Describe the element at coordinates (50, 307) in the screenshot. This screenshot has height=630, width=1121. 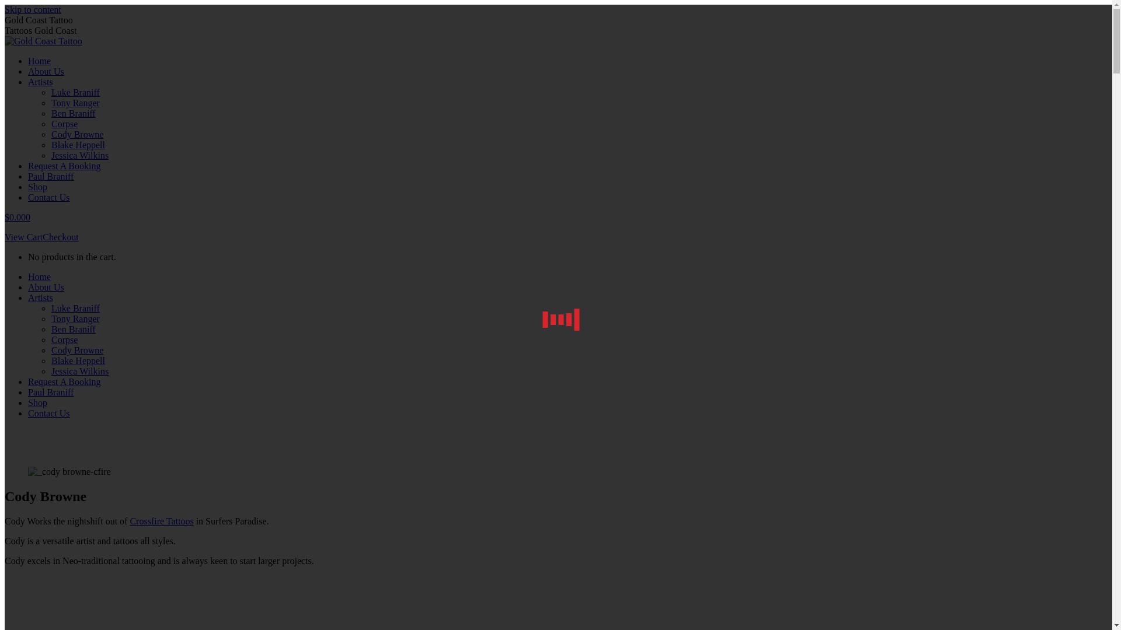
I see `'Luke Braniff'` at that location.